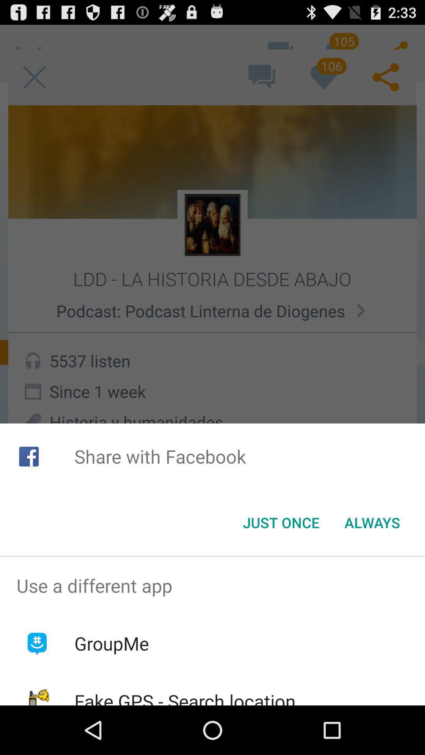 Image resolution: width=425 pixels, height=755 pixels. What do you see at coordinates (372, 523) in the screenshot?
I see `always icon` at bounding box center [372, 523].